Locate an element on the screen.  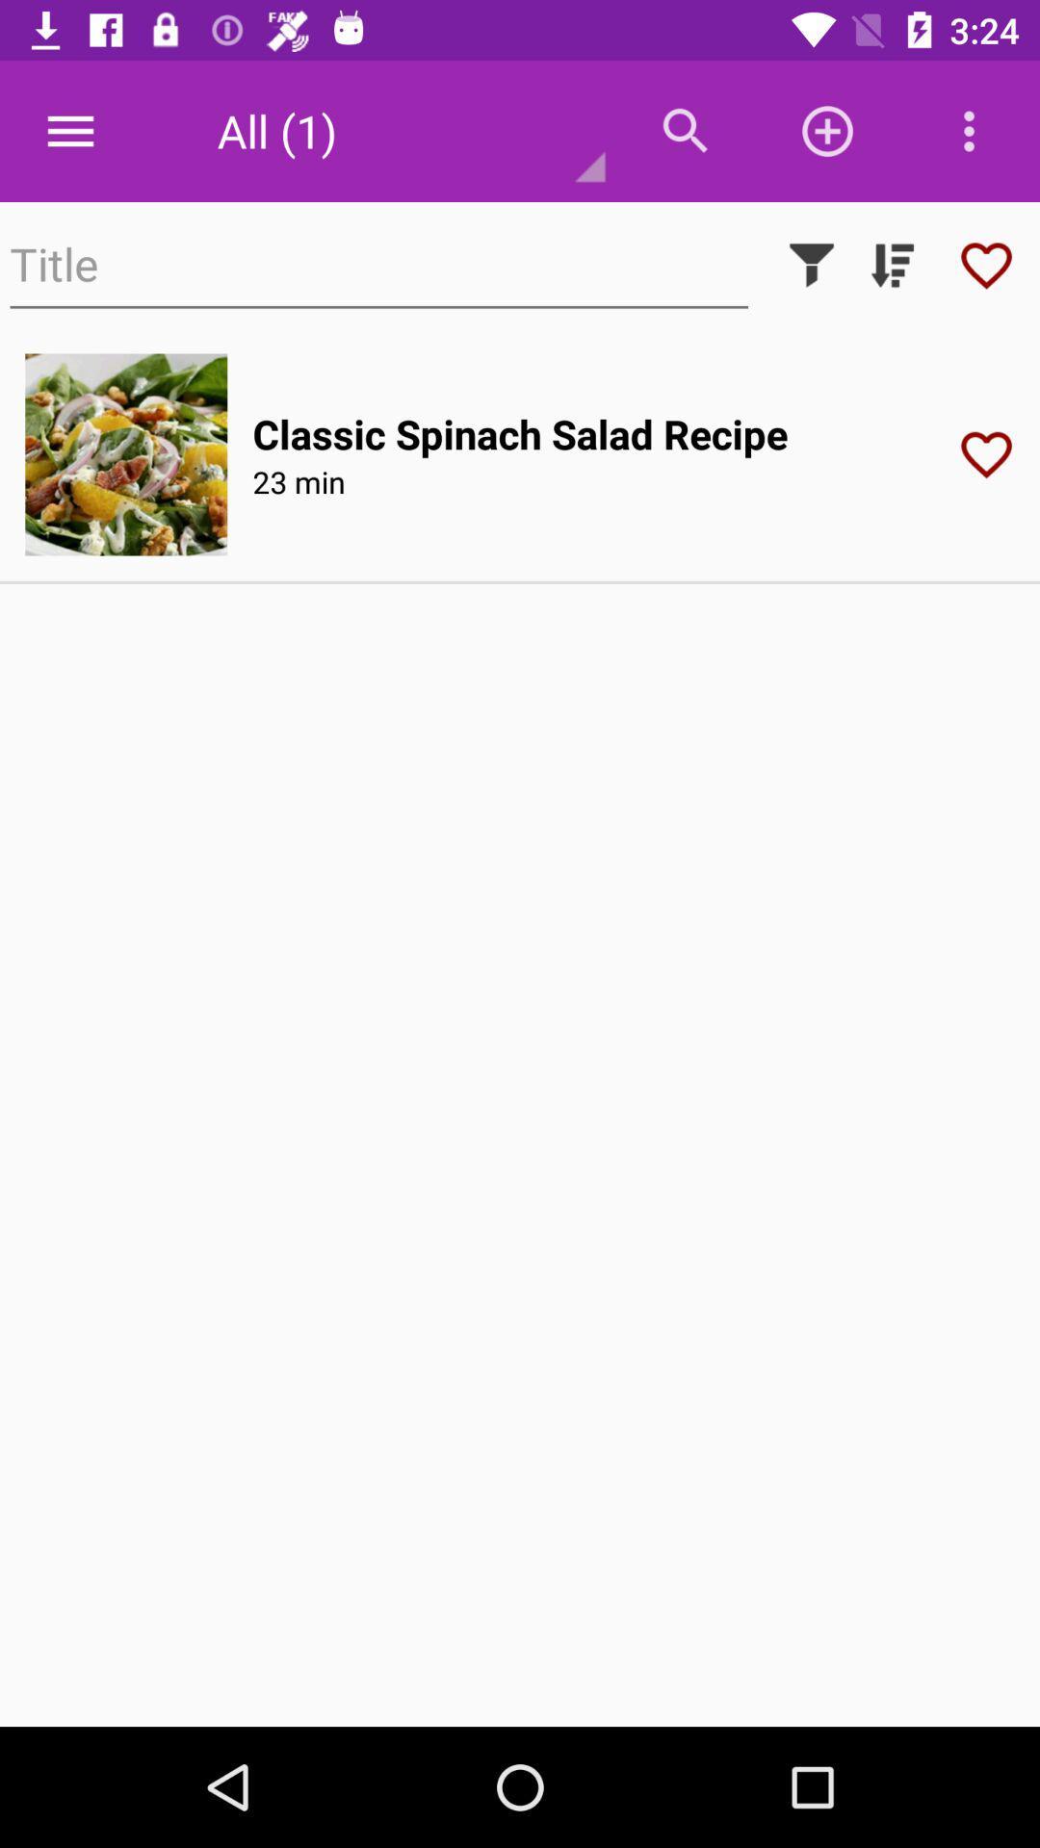
use filter is located at coordinates (812, 264).